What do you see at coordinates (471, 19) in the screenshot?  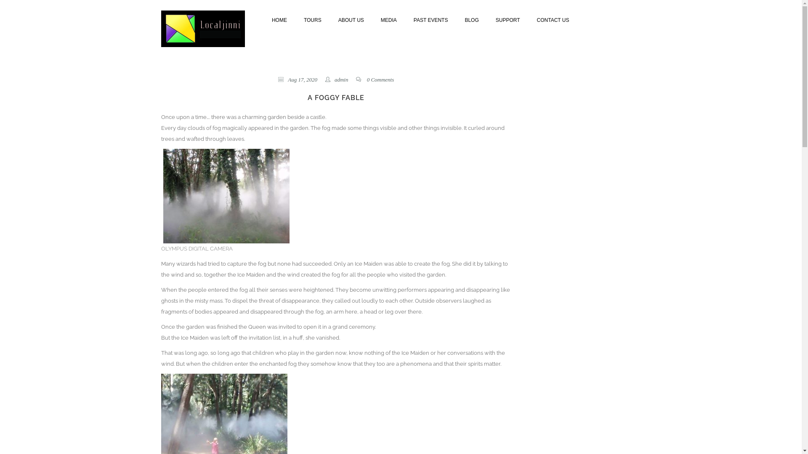 I see `'BLOG'` at bounding box center [471, 19].